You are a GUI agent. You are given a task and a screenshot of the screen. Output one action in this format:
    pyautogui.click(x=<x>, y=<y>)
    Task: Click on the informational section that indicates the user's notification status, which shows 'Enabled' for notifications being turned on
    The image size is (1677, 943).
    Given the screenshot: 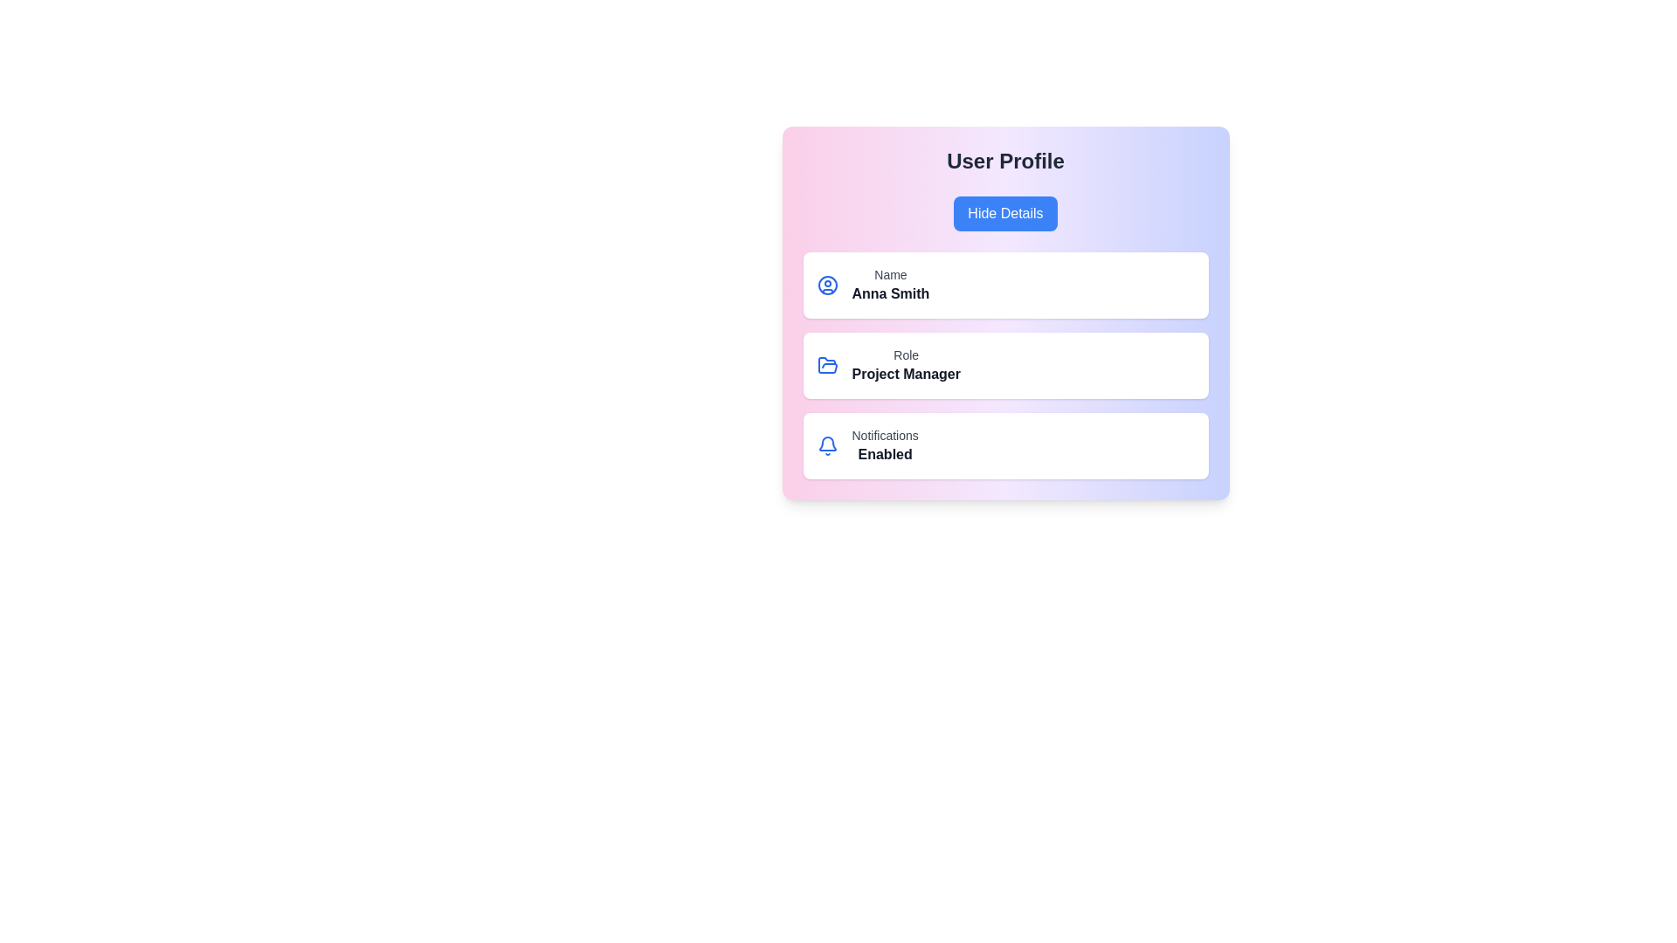 What is the action you would take?
    pyautogui.click(x=1005, y=444)
    